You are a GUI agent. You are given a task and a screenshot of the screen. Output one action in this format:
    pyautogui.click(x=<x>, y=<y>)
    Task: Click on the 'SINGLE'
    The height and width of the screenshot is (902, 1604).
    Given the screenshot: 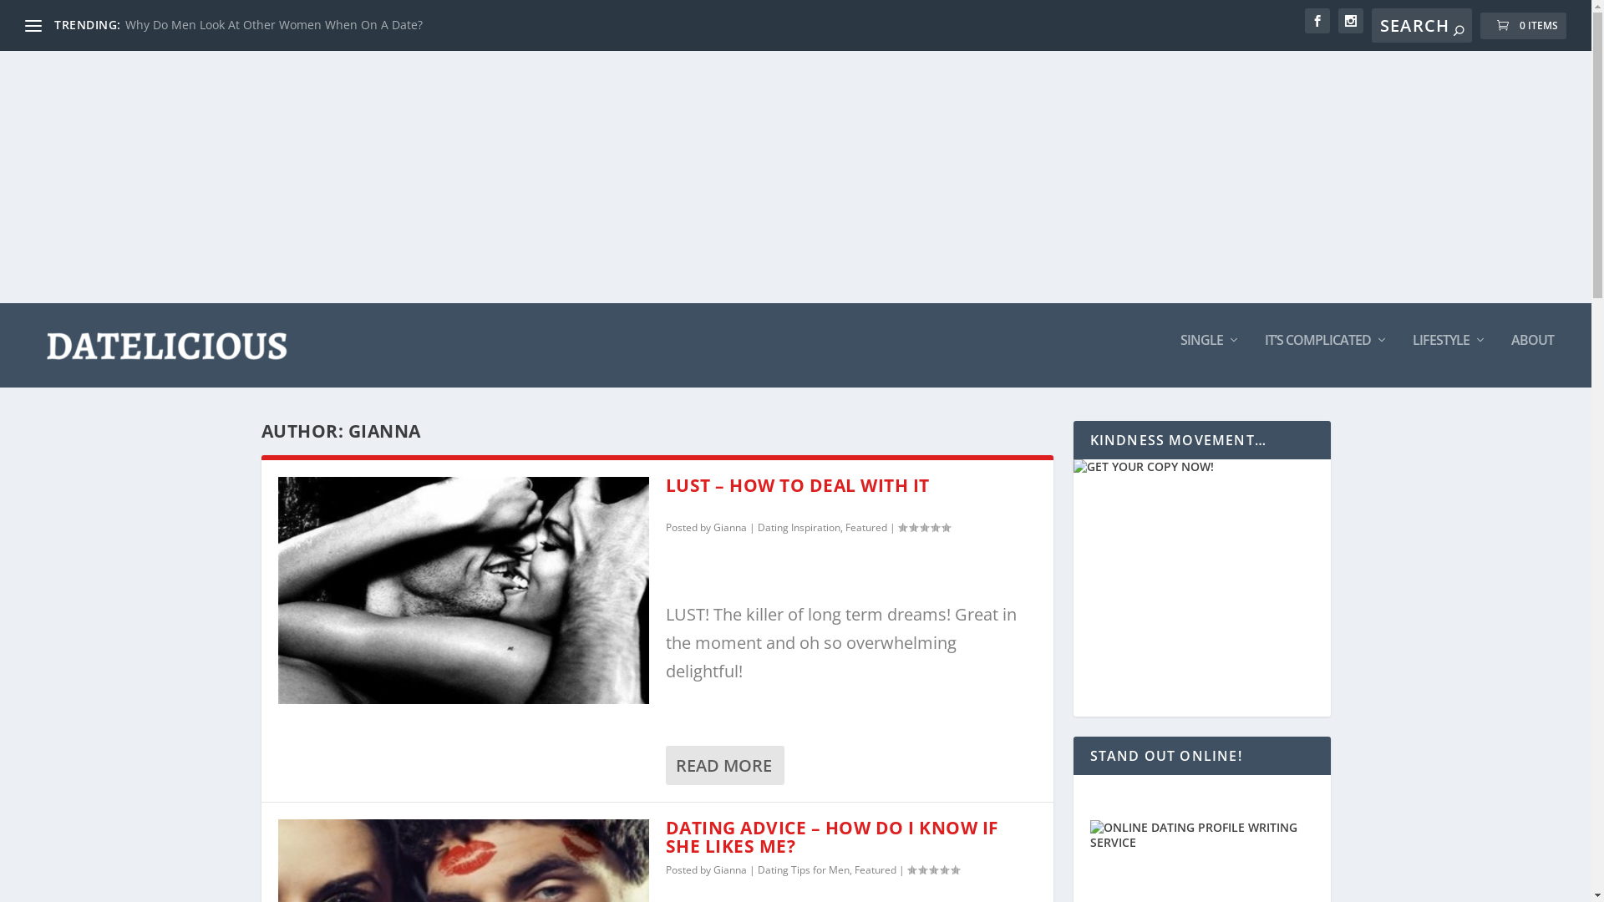 What is the action you would take?
    pyautogui.click(x=1210, y=359)
    